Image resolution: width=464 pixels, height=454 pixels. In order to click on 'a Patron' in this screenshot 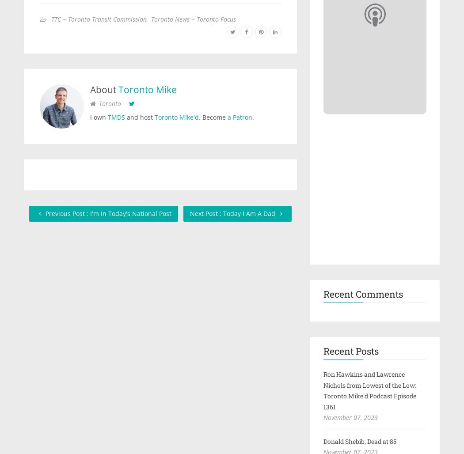, I will do `click(240, 117)`.